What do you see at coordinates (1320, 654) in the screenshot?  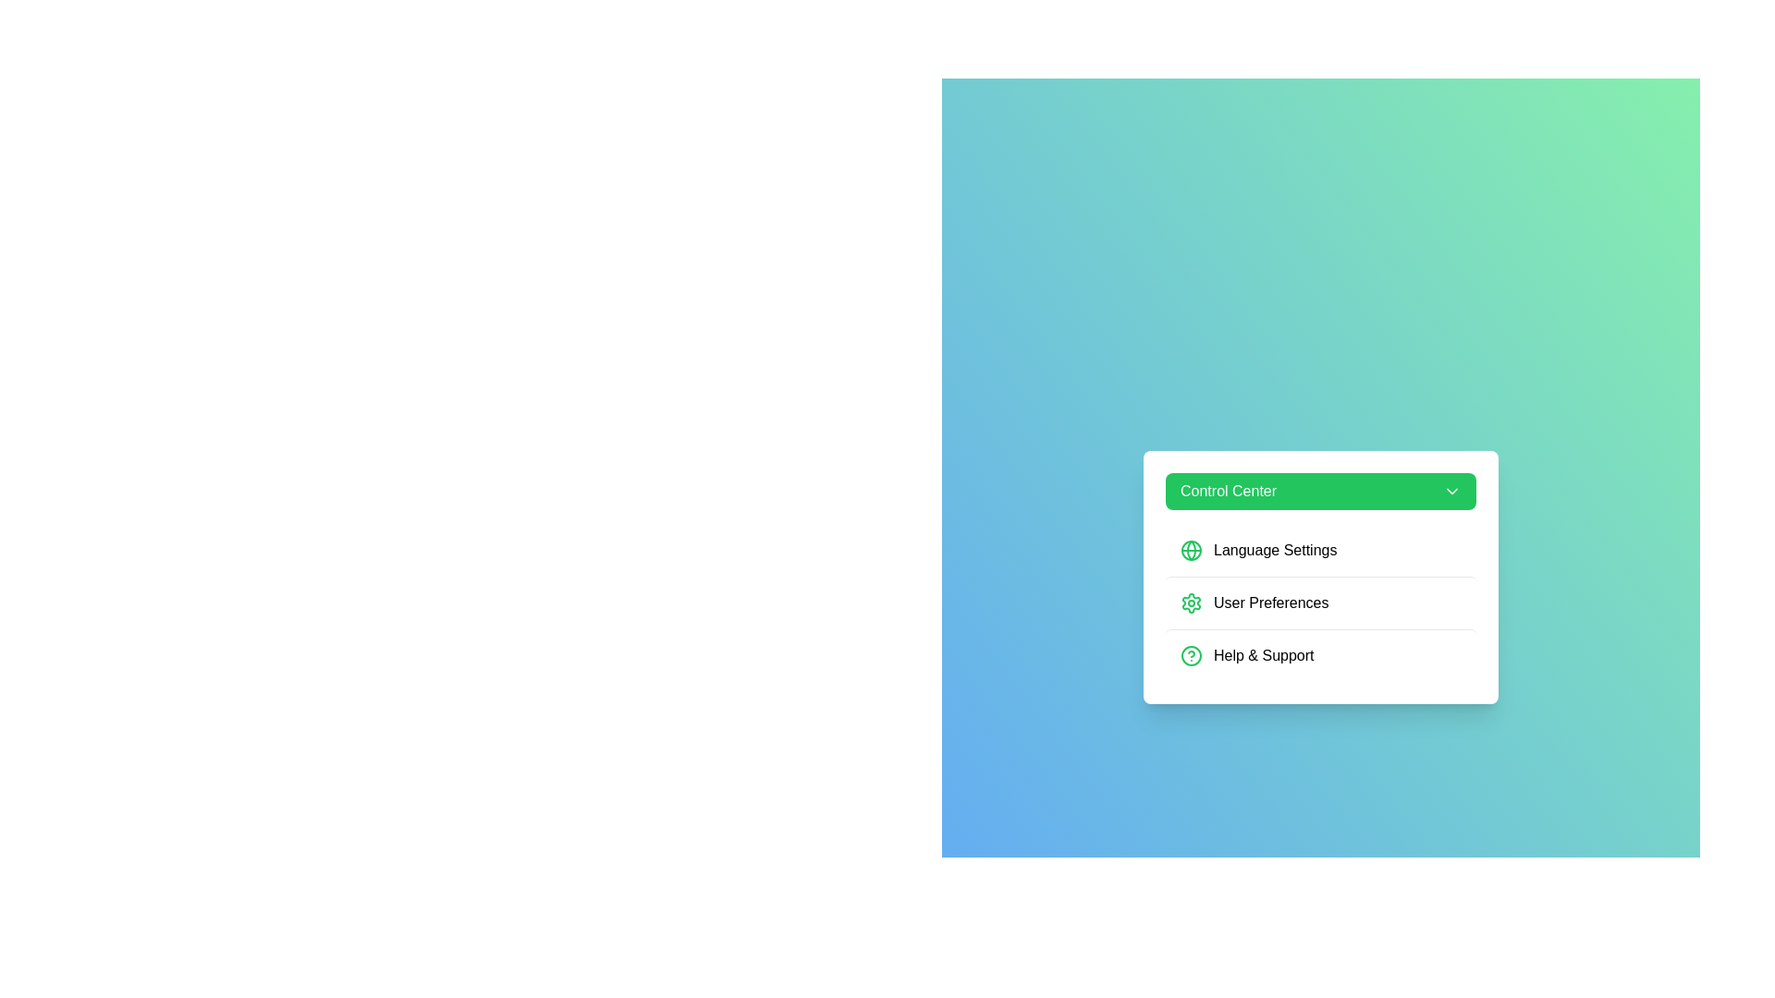 I see `the 'Help & Support' option in the menu` at bounding box center [1320, 654].